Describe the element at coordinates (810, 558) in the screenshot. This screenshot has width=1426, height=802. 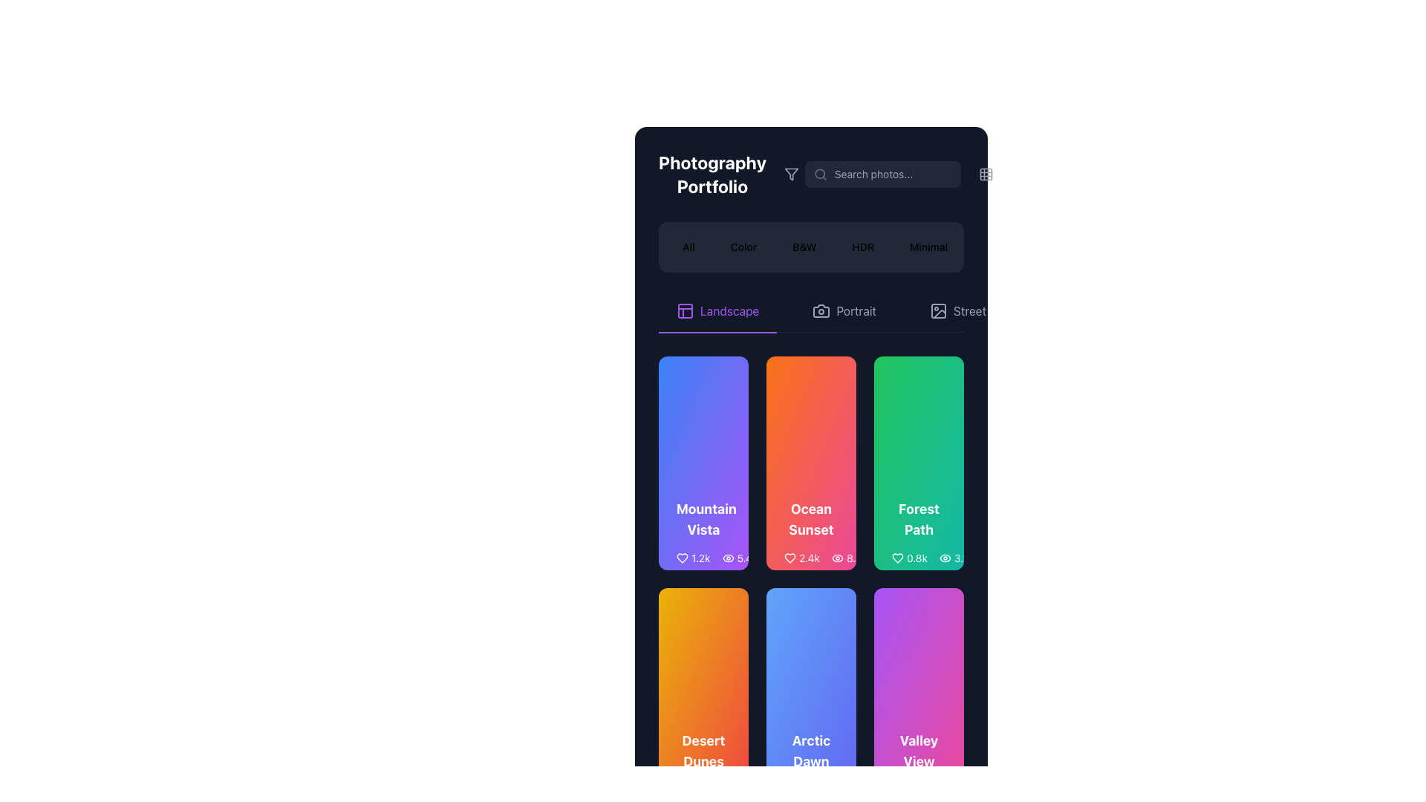
I see `the cluster of informational labels displaying '2.4k' and '8.2k' with heart and eye icons, located in the lower part of the 'Ocean Sunset' card` at that location.